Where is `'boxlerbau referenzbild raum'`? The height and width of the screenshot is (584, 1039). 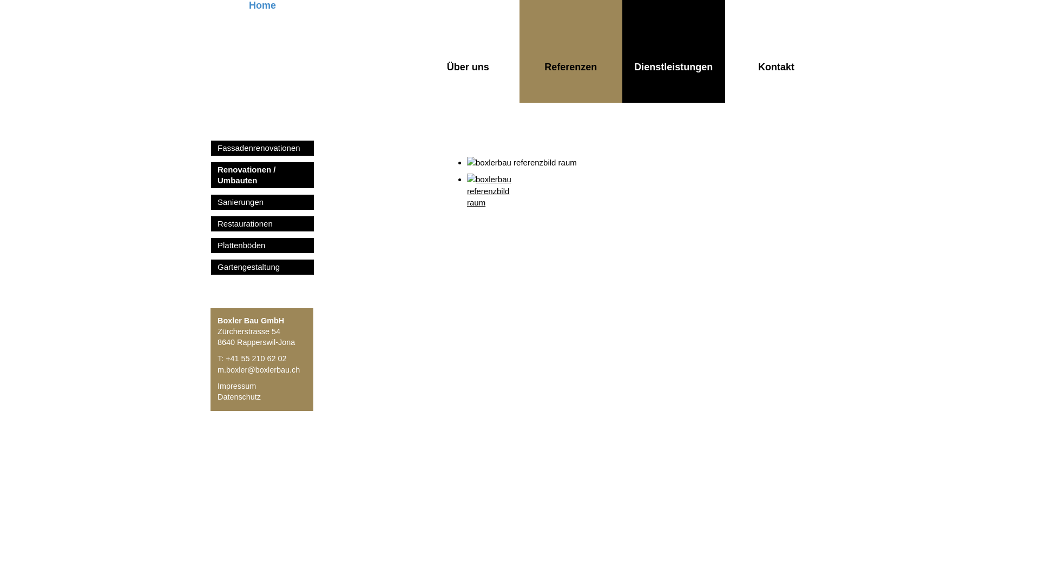
'boxlerbau referenzbild raum' is located at coordinates (493, 200).